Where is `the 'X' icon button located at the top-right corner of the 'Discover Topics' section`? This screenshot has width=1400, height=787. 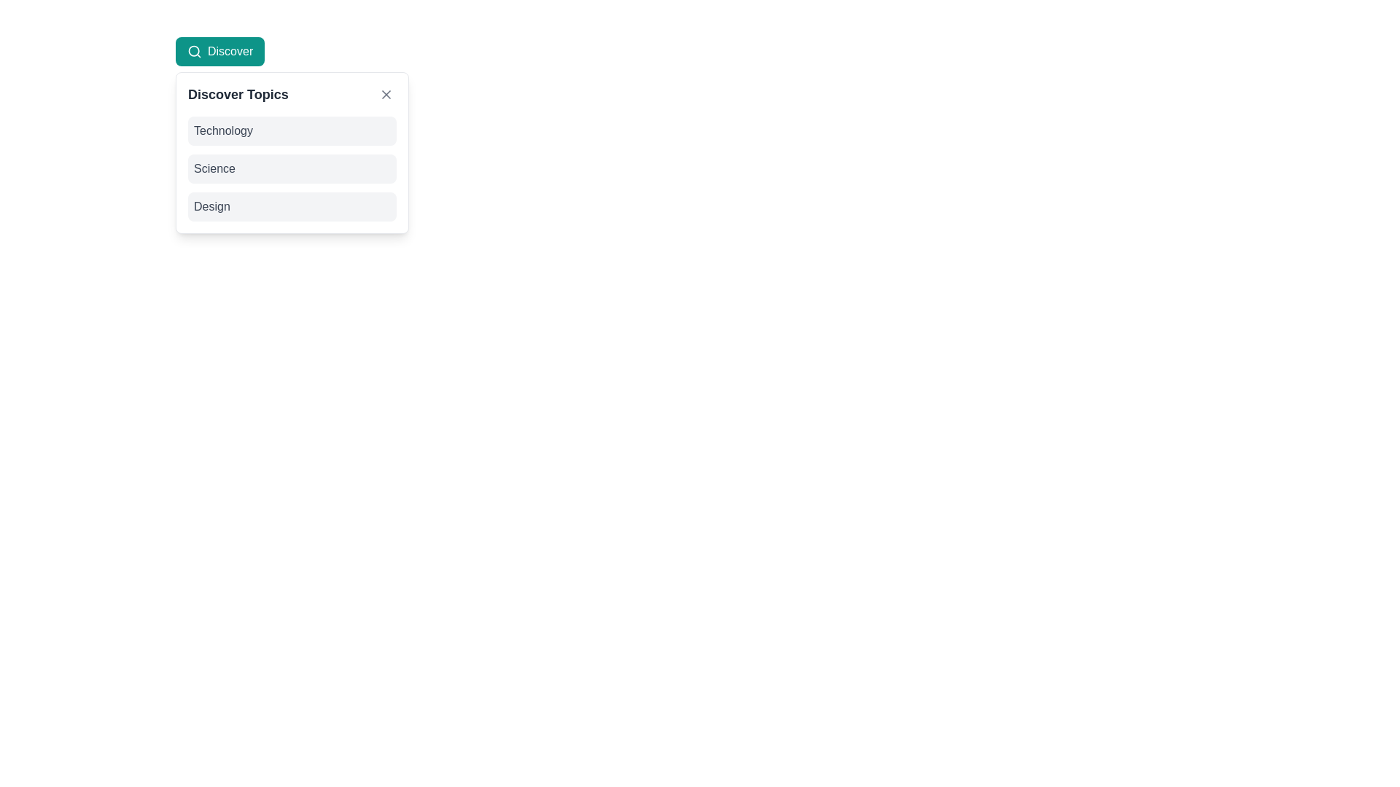 the 'X' icon button located at the top-right corner of the 'Discover Topics' section is located at coordinates (386, 95).